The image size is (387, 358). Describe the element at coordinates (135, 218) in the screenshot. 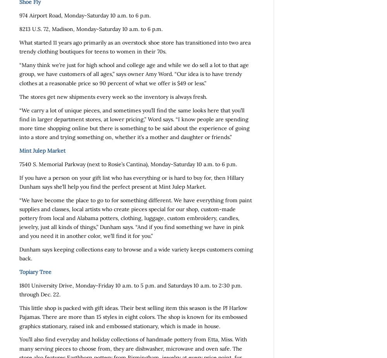

I see `'“We have become the place to go to for something different. We have everything from paint supplies and classes, local artists who create pieces special for our shop, custom-made pottery from local and Alabama potters, clothing, luggage, custom embroidery, candles, jewelry, just all kinds of things,” Dunham says. “And if you find something we have in pink and you need it in another color, we’ll find it for you.”'` at that location.